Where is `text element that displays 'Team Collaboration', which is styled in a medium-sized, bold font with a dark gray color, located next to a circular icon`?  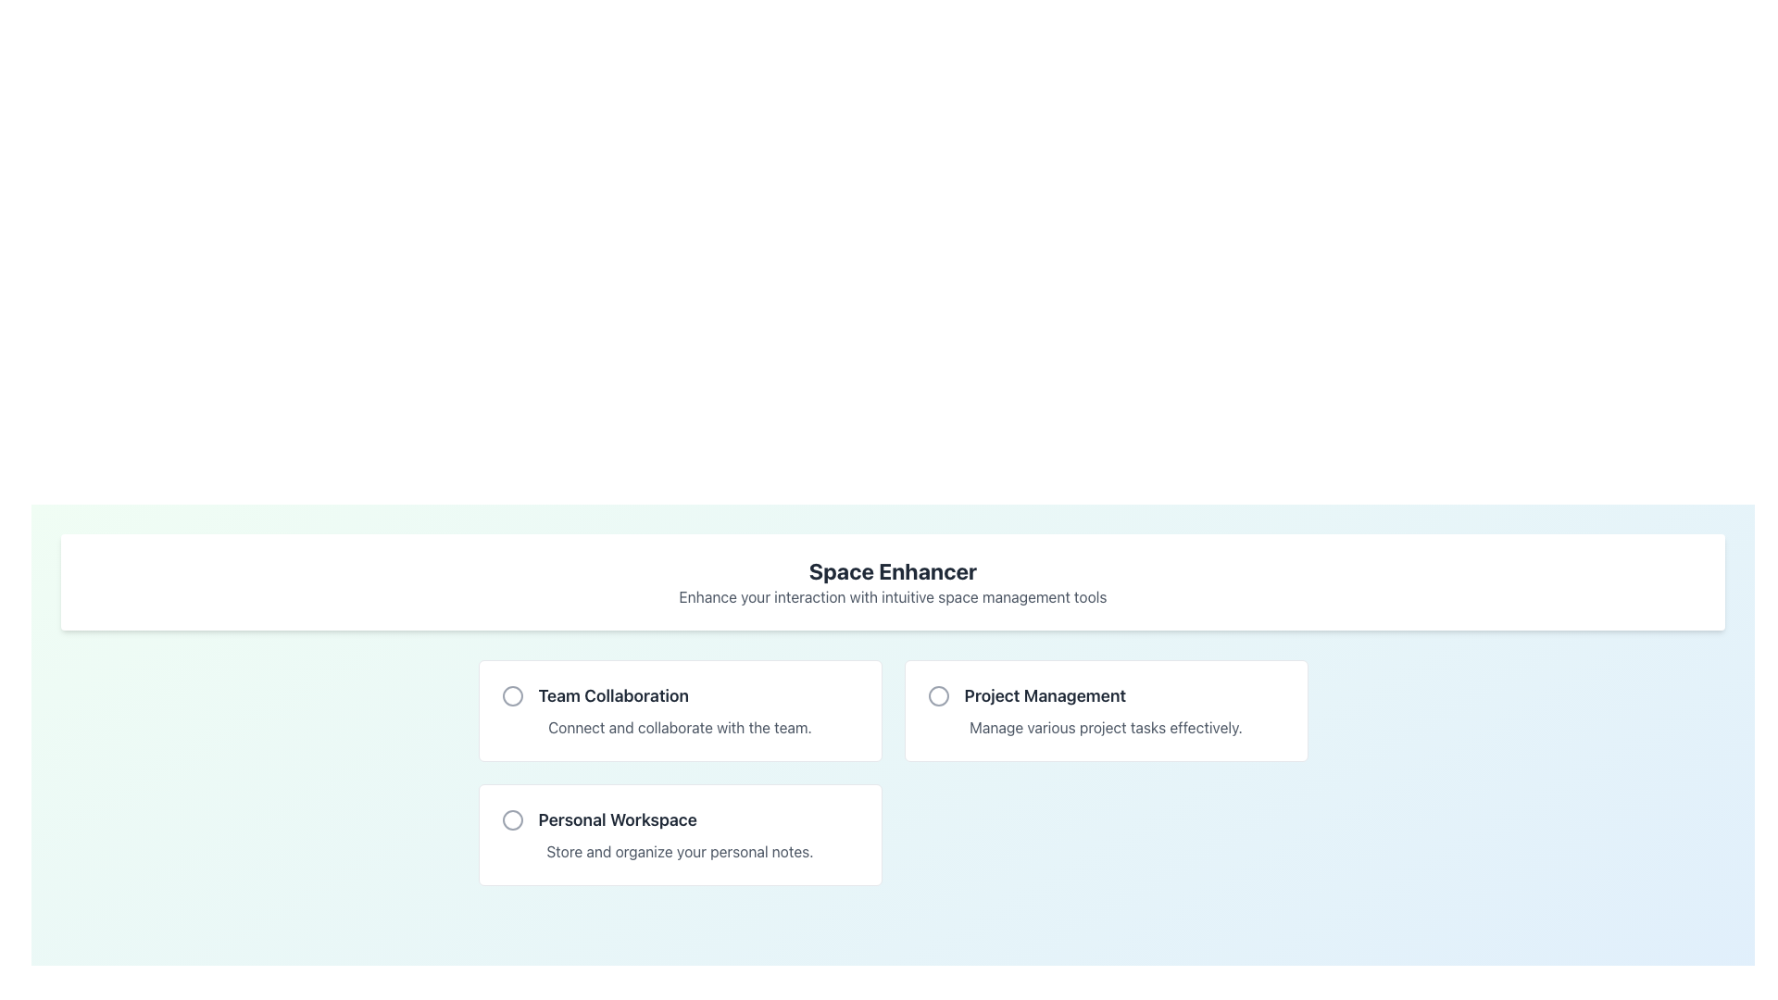 text element that displays 'Team Collaboration', which is styled in a medium-sized, bold font with a dark gray color, located next to a circular icon is located at coordinates (679, 696).